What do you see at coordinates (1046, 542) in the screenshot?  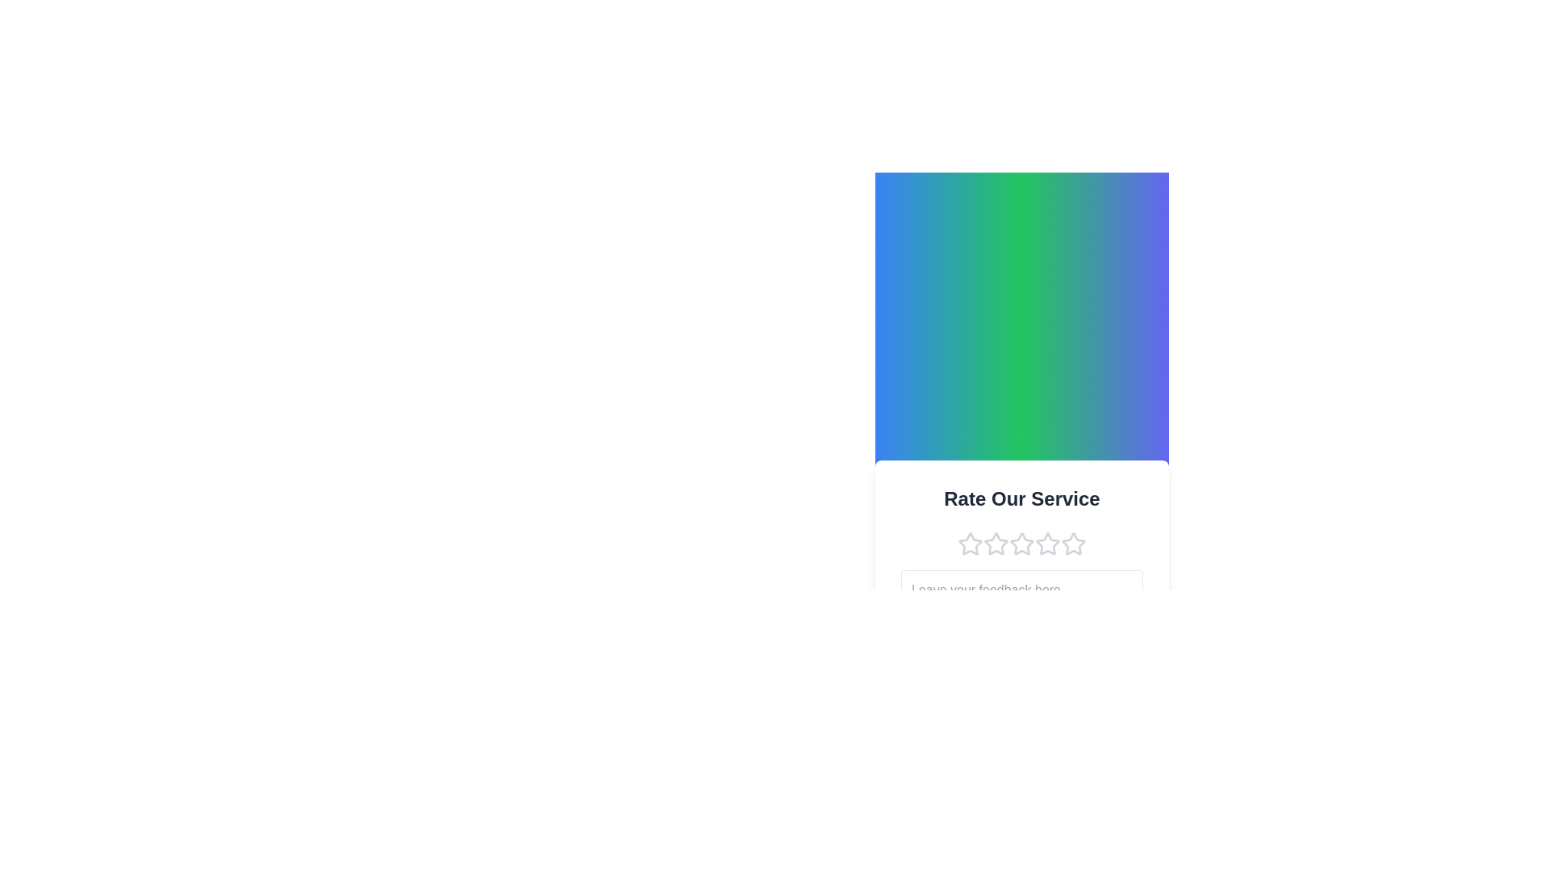 I see `the third star icon in the rating system to give a rating` at bounding box center [1046, 542].